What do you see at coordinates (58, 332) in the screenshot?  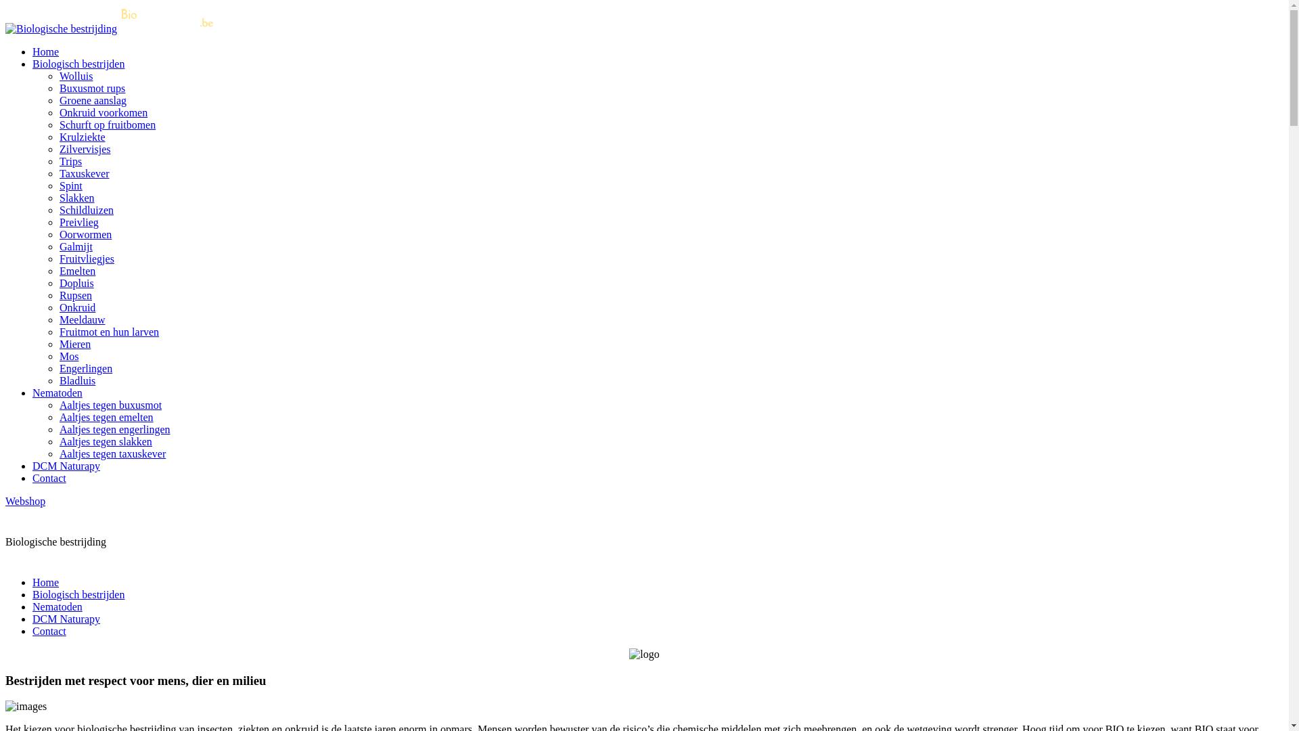 I see `'Fruitmot en hun larven'` at bounding box center [58, 332].